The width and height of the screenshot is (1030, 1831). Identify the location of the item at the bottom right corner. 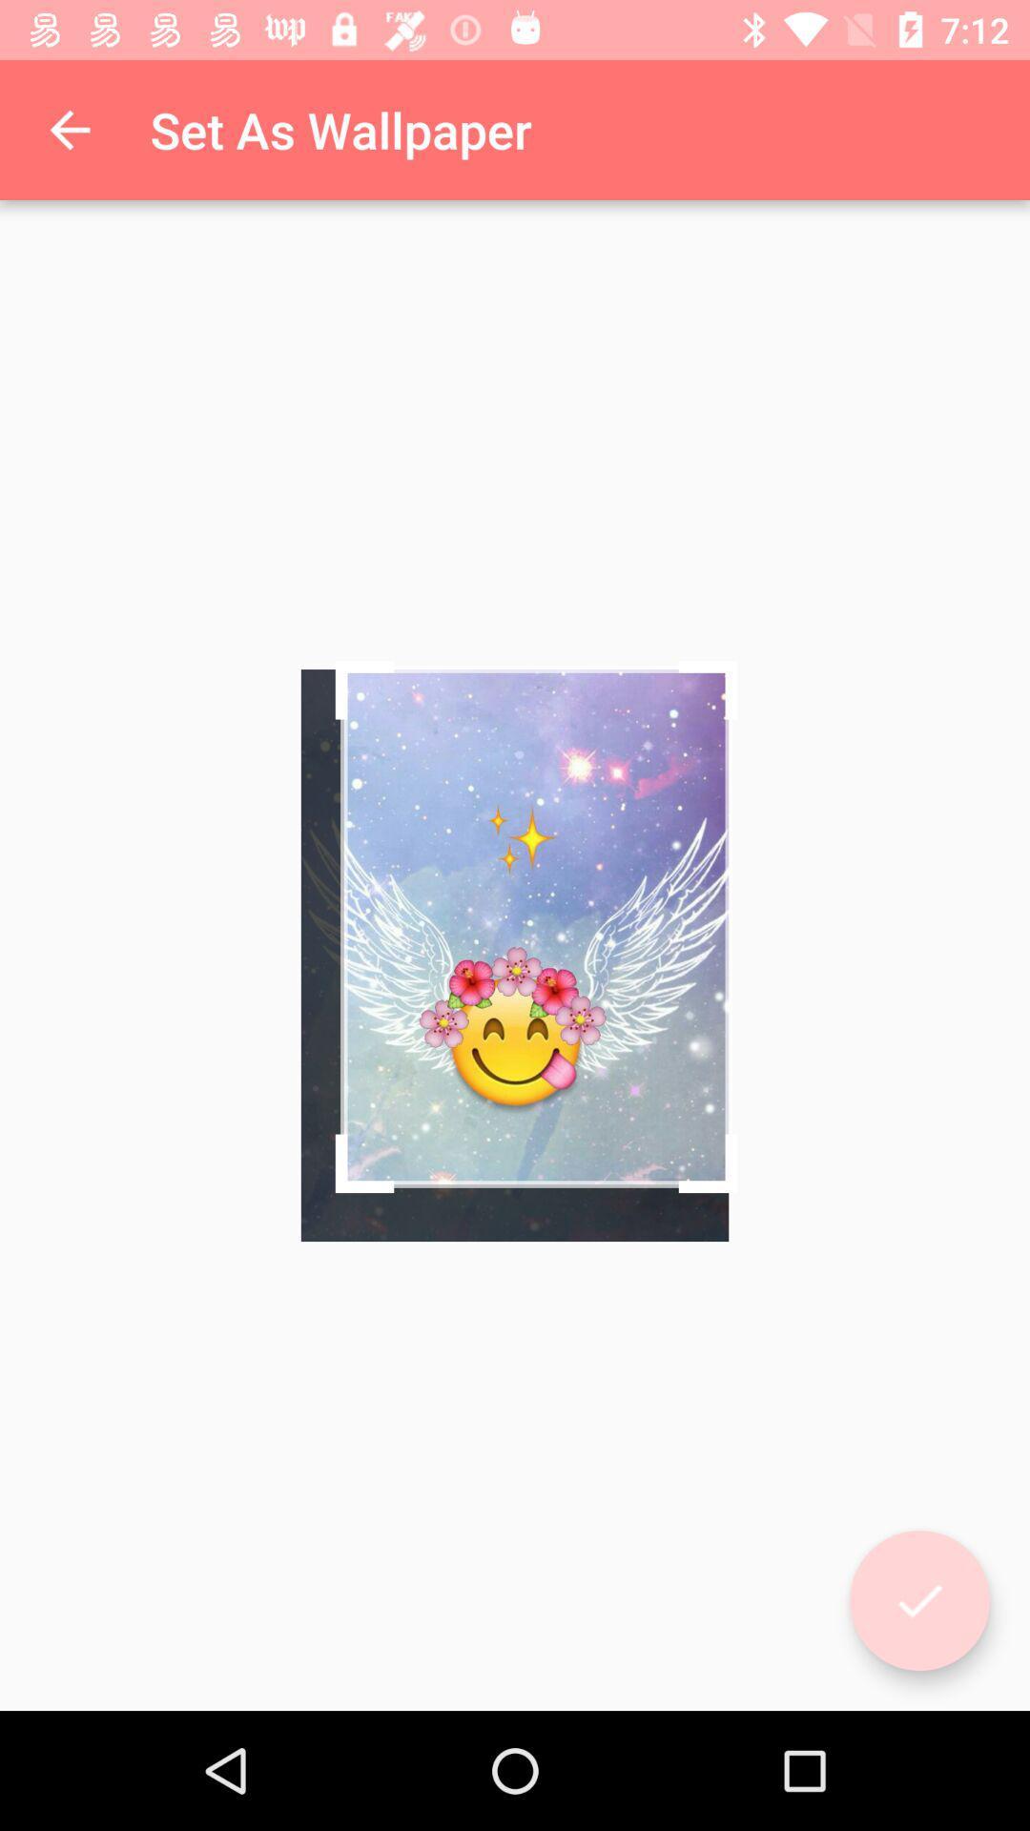
(918, 1600).